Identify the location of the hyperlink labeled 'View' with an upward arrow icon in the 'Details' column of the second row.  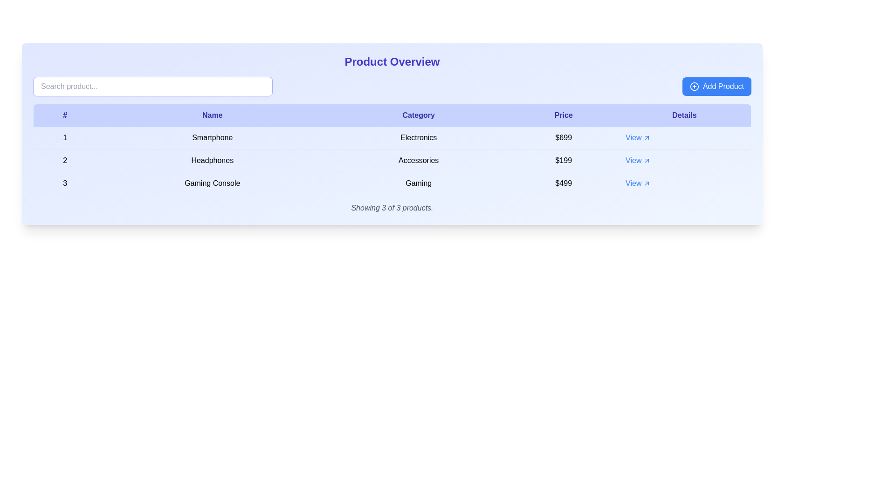
(638, 160).